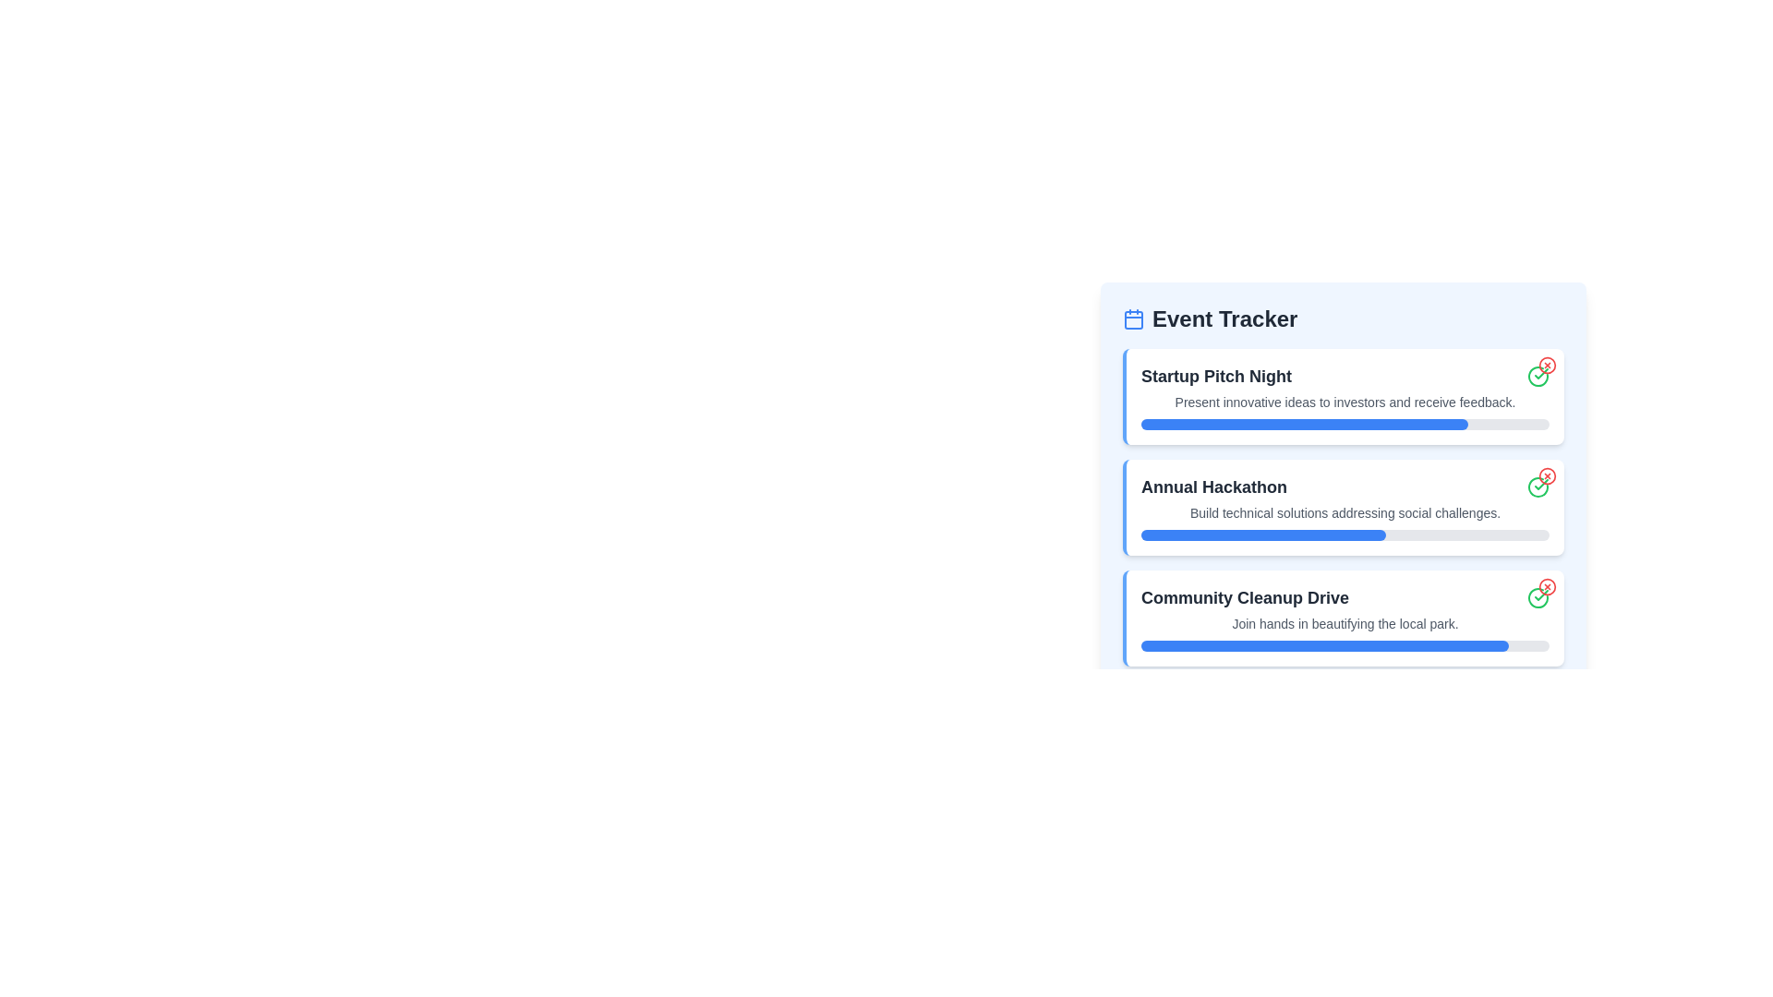  What do you see at coordinates (1538, 376) in the screenshot?
I see `the status icon indicating a successful completion for the 'Startup Pitch Night' event` at bounding box center [1538, 376].